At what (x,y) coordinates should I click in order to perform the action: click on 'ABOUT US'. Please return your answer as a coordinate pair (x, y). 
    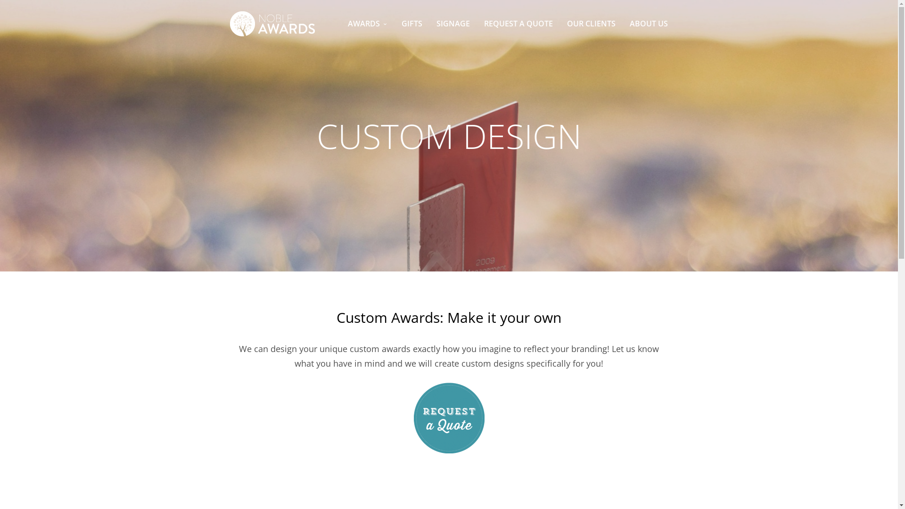
    Looking at the image, I should click on (648, 23).